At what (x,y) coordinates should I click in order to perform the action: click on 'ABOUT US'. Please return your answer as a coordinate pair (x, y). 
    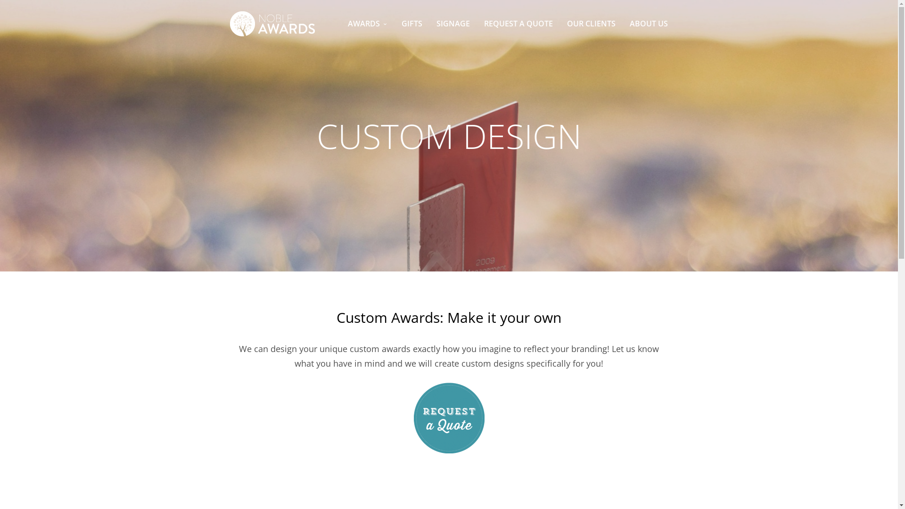
    Looking at the image, I should click on (648, 23).